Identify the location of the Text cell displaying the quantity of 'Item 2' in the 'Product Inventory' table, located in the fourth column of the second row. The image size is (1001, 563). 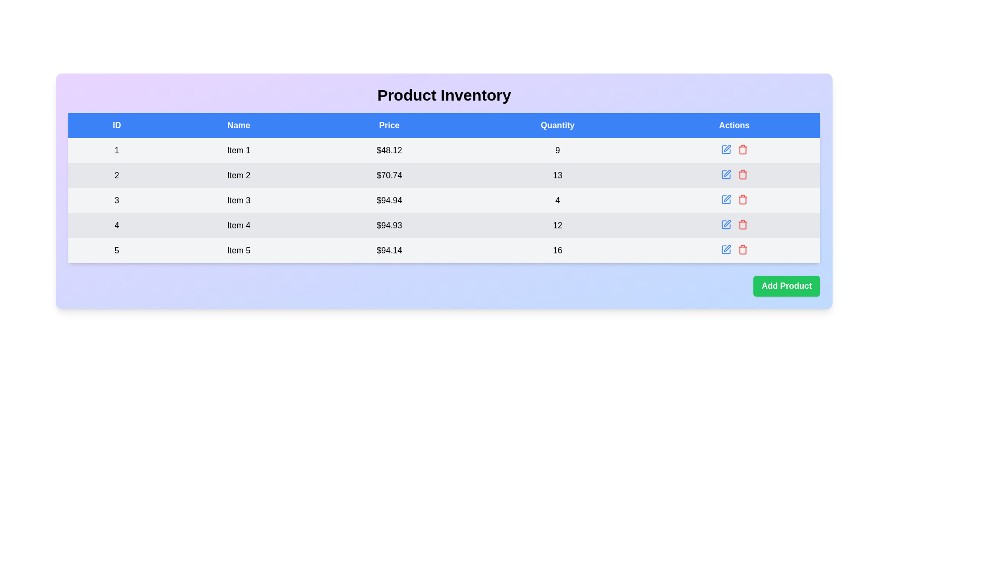
(557, 175).